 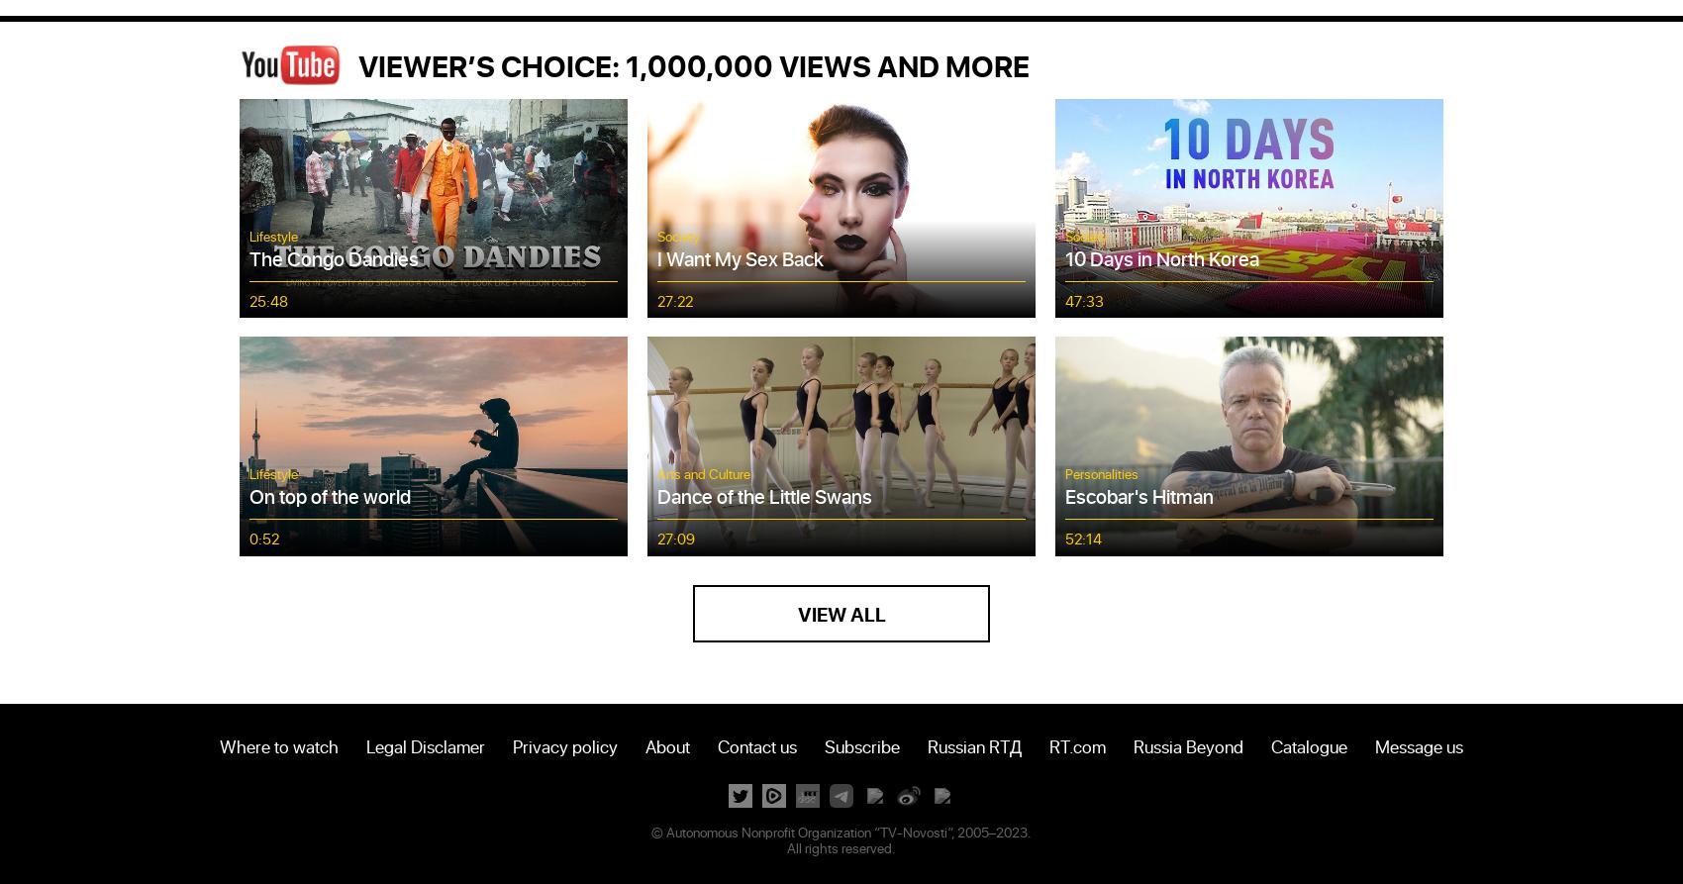 I want to click on 'Subscribe', so click(x=822, y=743).